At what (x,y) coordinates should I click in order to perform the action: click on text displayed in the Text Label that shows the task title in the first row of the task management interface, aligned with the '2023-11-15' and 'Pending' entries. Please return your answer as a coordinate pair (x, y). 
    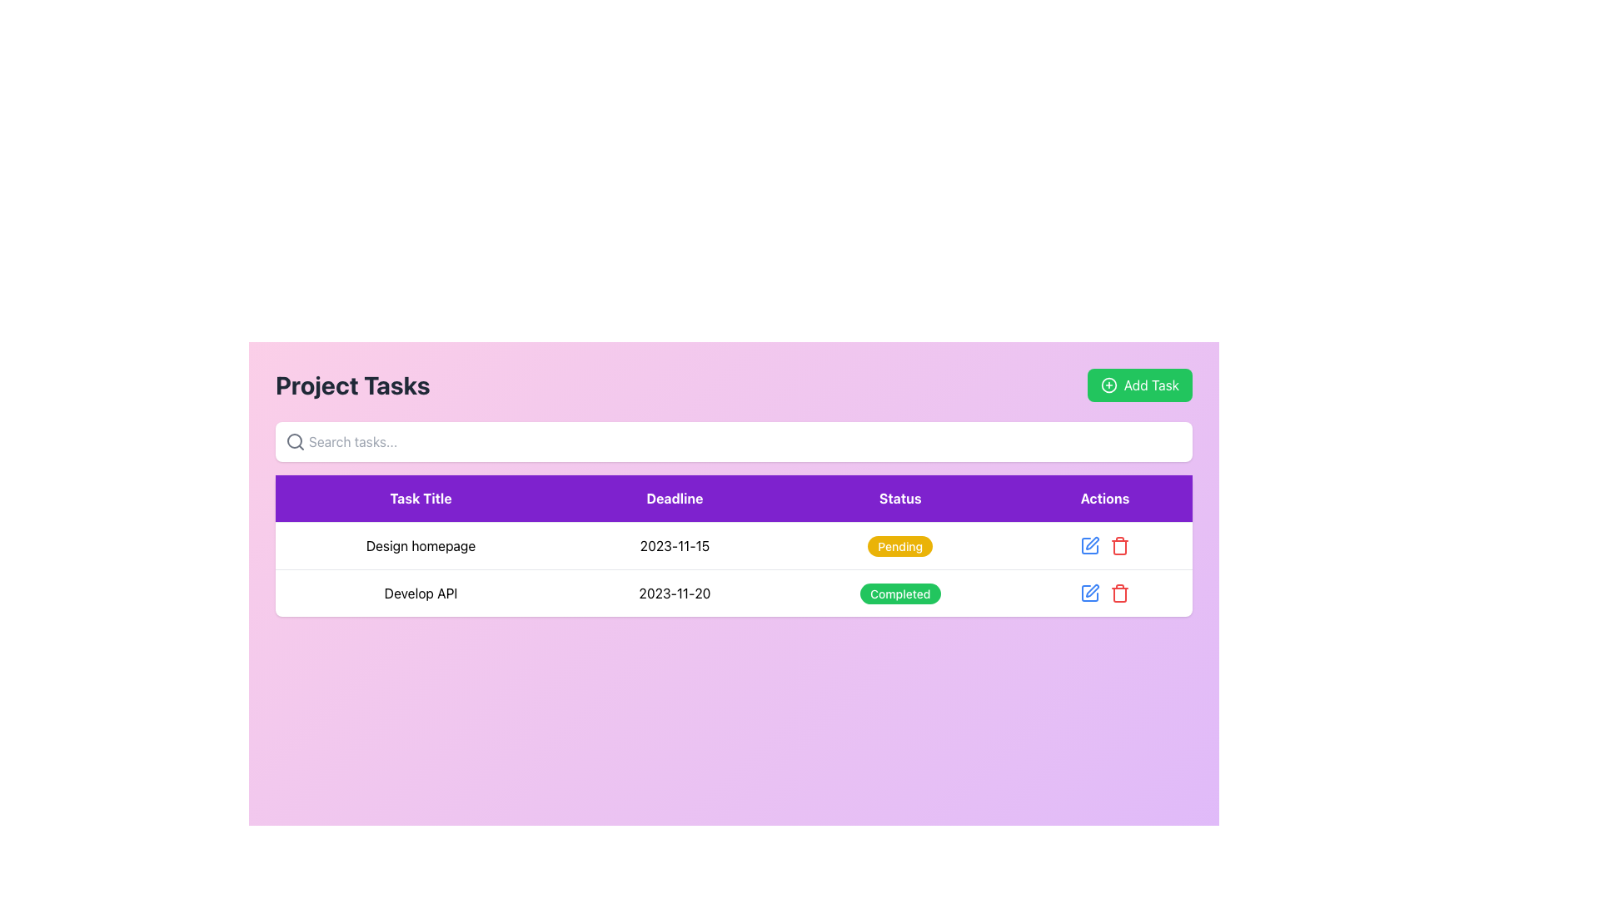
    Looking at the image, I should click on (421, 545).